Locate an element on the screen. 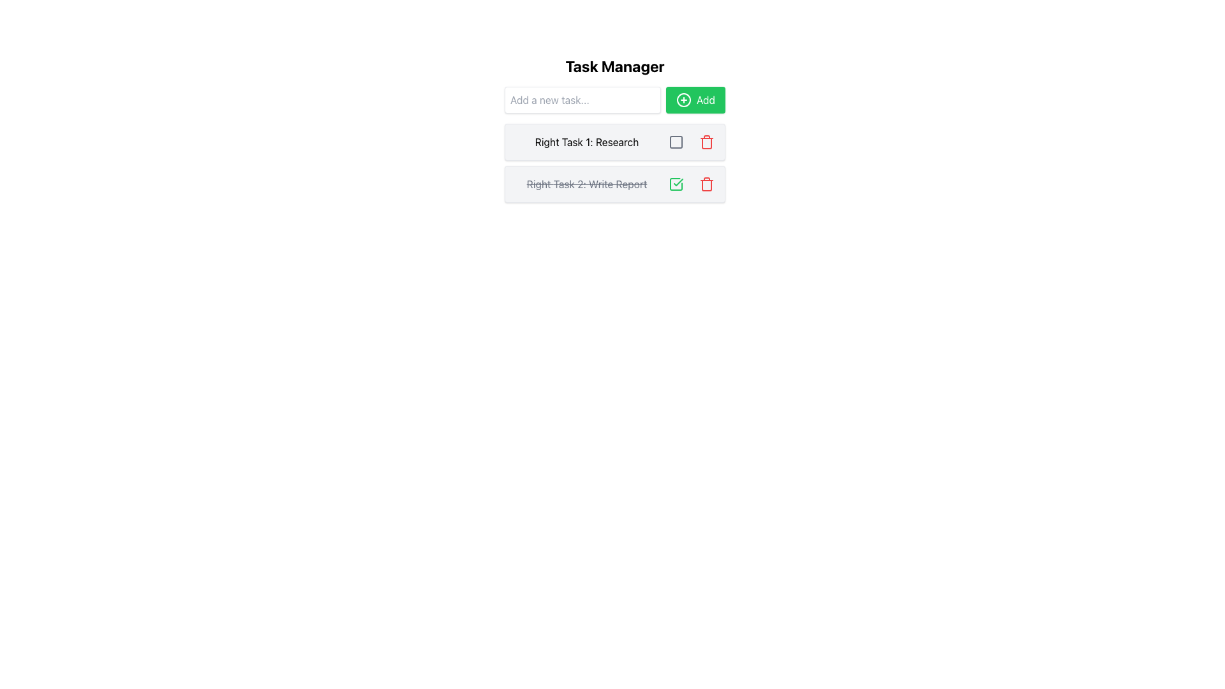  the custom SVG checkbox is located at coordinates (676, 184).